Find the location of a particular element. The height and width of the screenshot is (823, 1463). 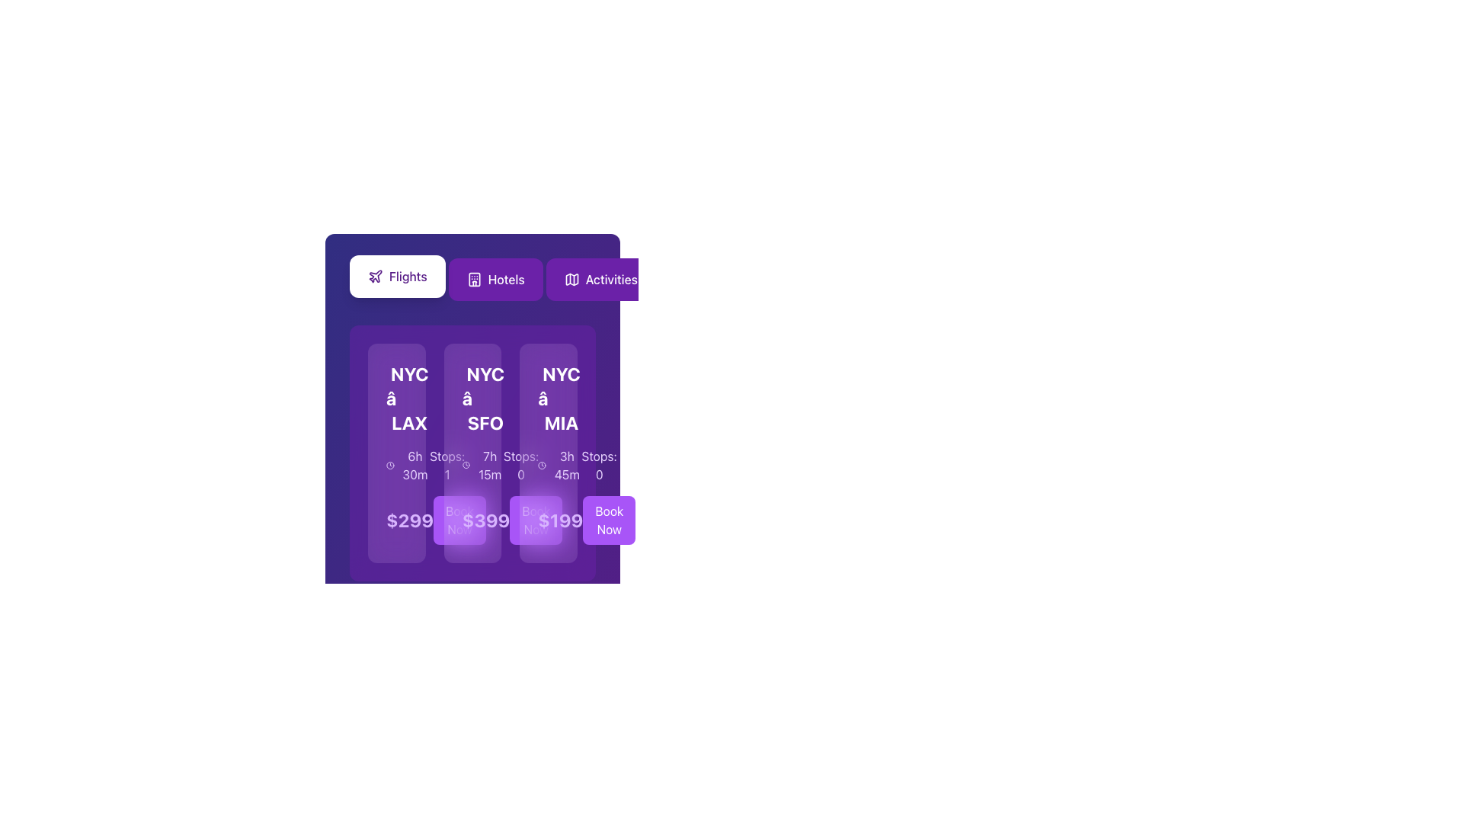

the price Text label located in the first card of flight details from 'NYC' to 'LAX' is located at coordinates (396, 519).